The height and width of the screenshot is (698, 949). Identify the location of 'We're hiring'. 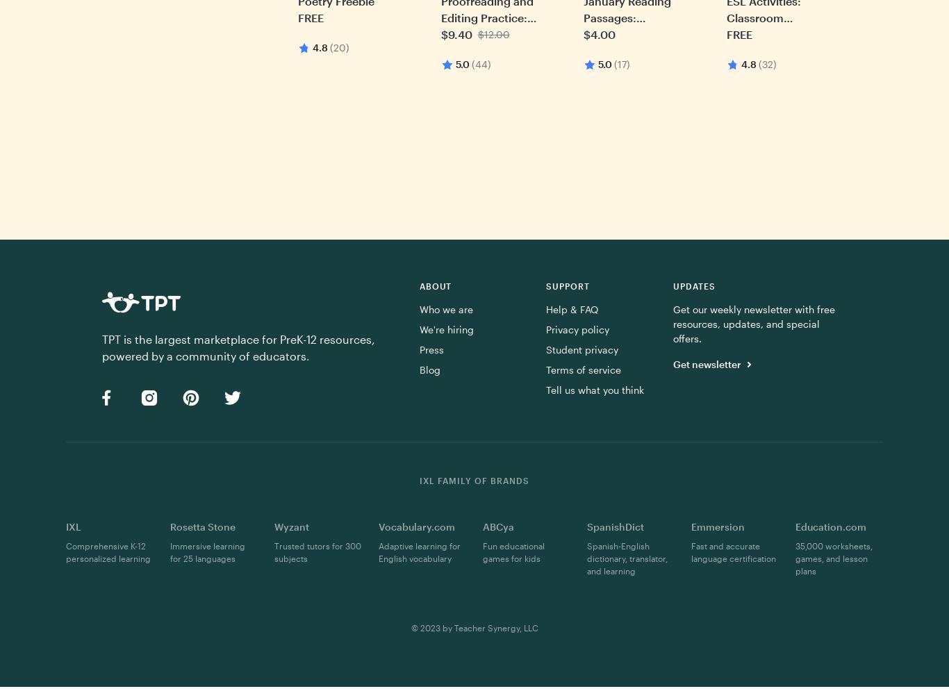
(418, 329).